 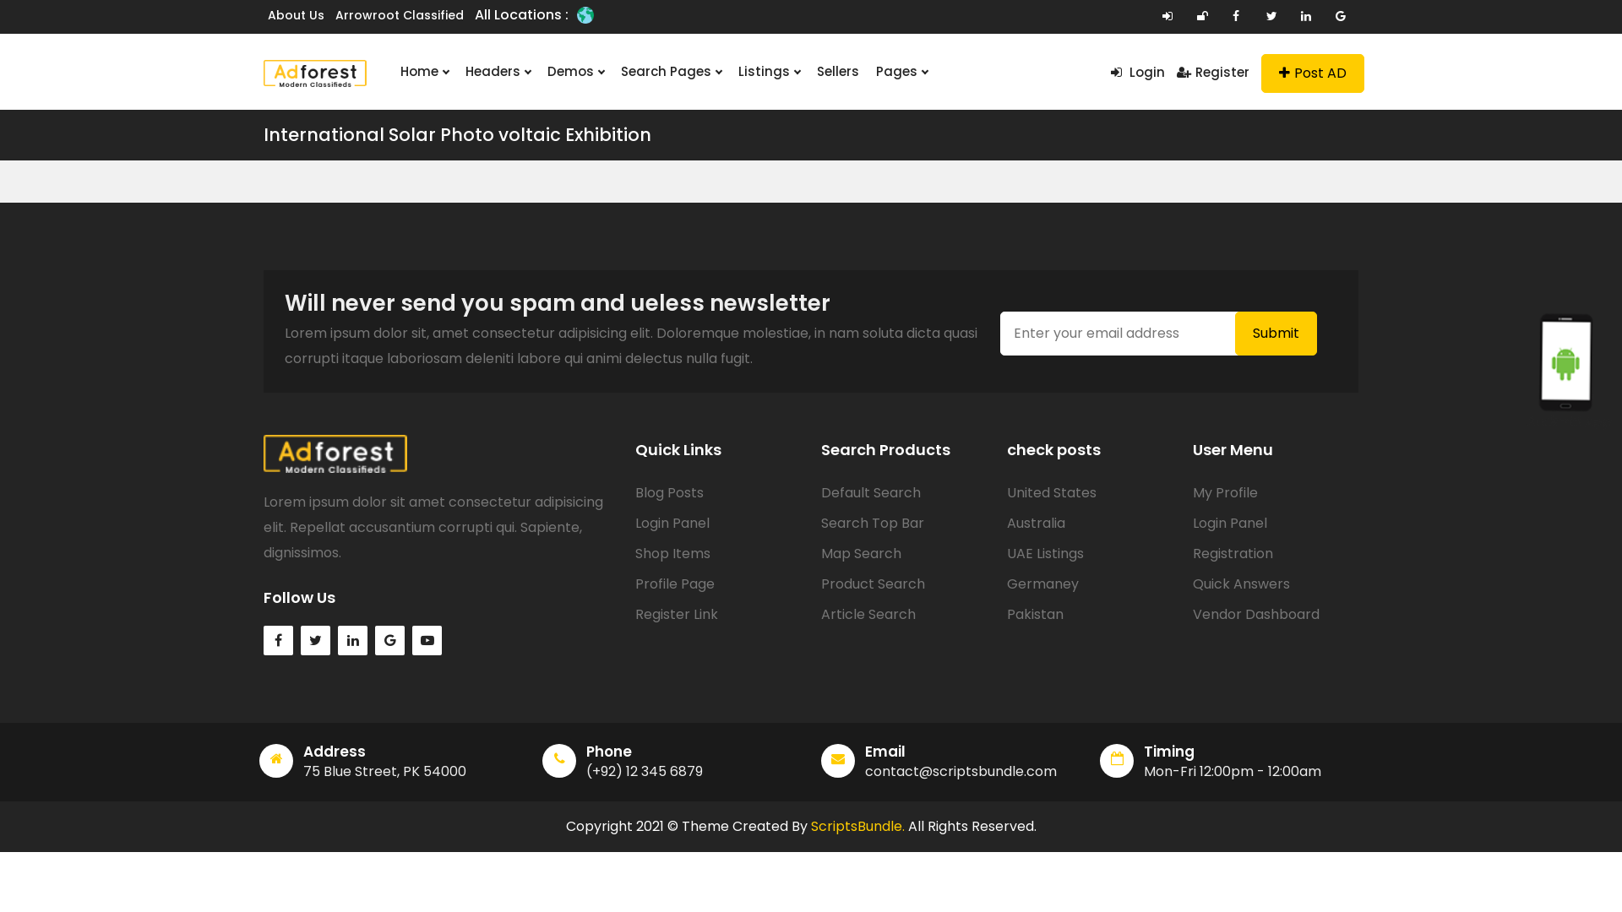 I want to click on 'Article Search', so click(x=868, y=614).